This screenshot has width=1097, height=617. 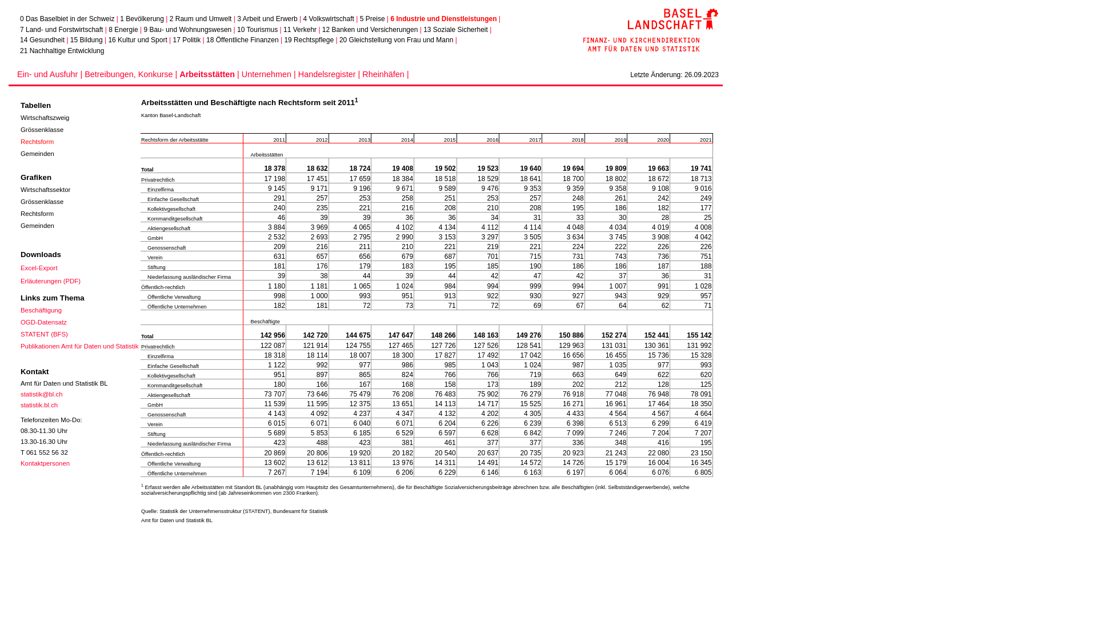 What do you see at coordinates (283, 29) in the screenshot?
I see `'11 Verkehr'` at bounding box center [283, 29].